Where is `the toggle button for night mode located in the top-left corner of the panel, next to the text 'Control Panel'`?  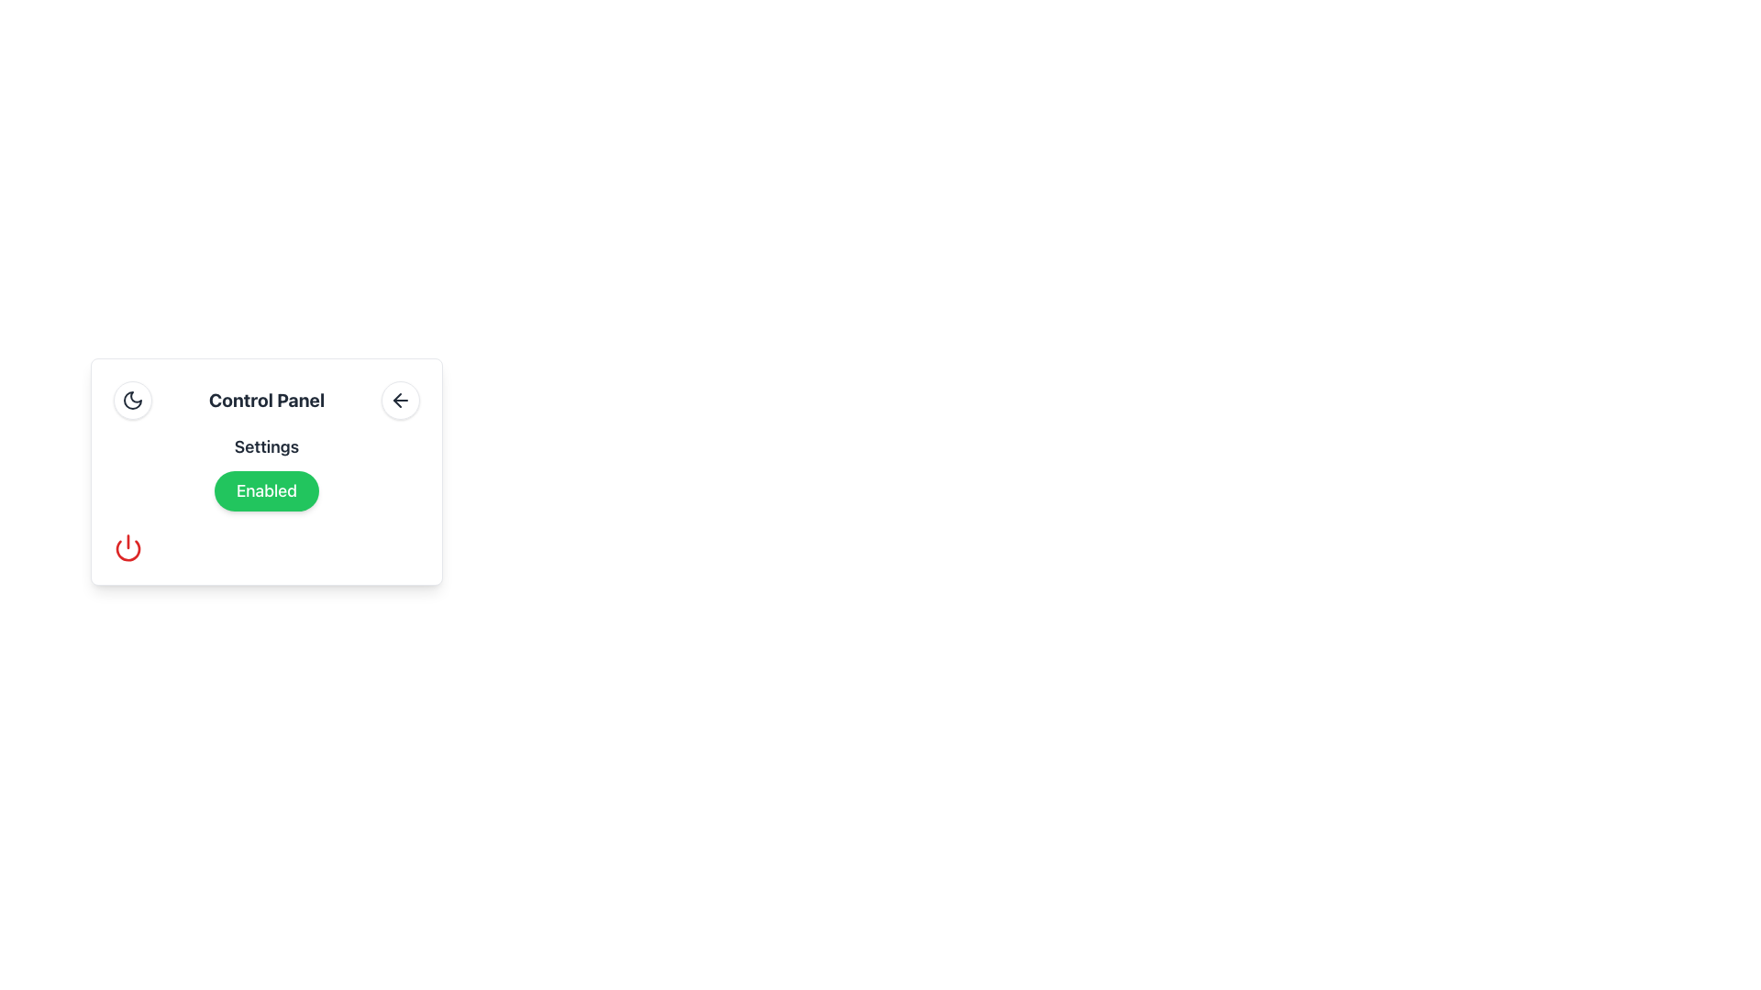 the toggle button for night mode located in the top-left corner of the panel, next to the text 'Control Panel' is located at coordinates (131, 399).